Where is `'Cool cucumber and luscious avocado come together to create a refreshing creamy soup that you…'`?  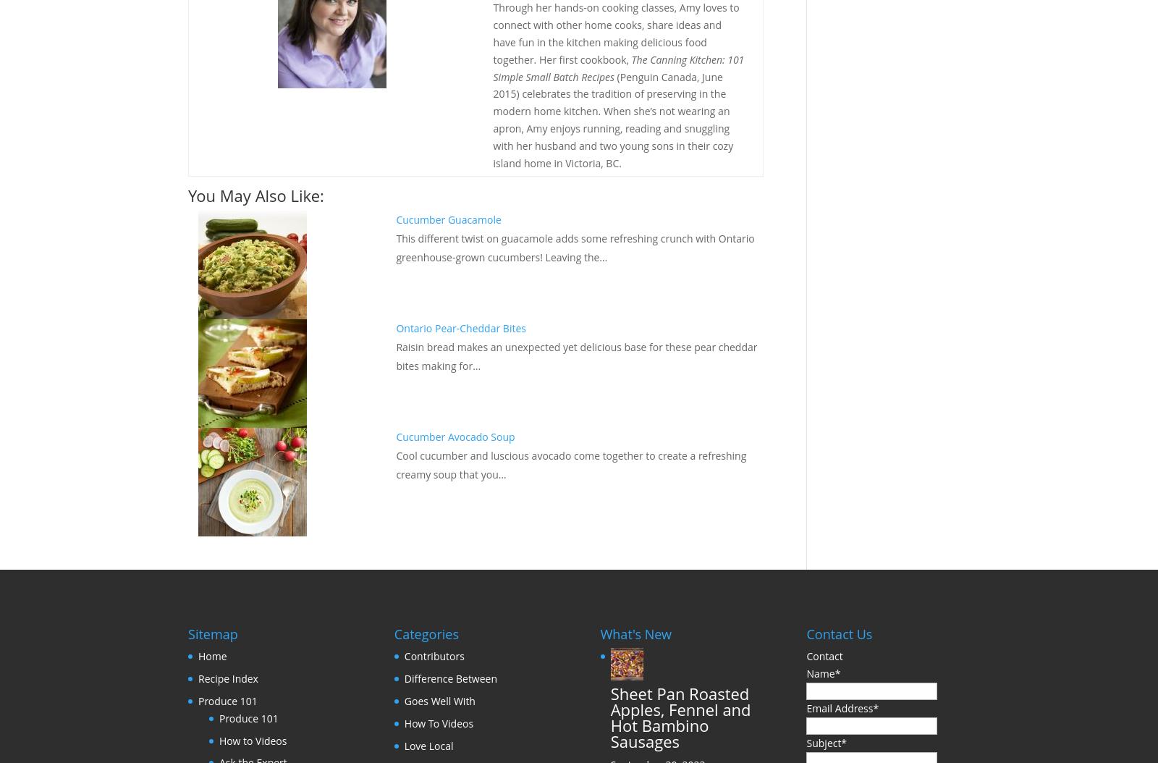 'Cool cucumber and luscious avocado come together to create a refreshing creamy soup that you…' is located at coordinates (570, 465).